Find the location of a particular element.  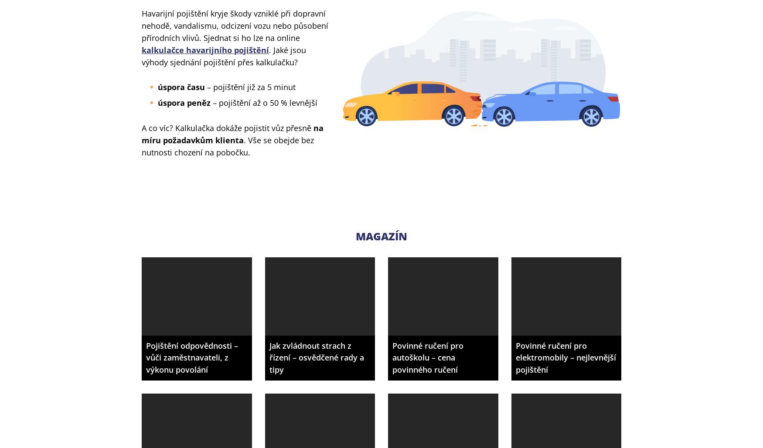

'– pojištění již za 5 minut' is located at coordinates (250, 87).